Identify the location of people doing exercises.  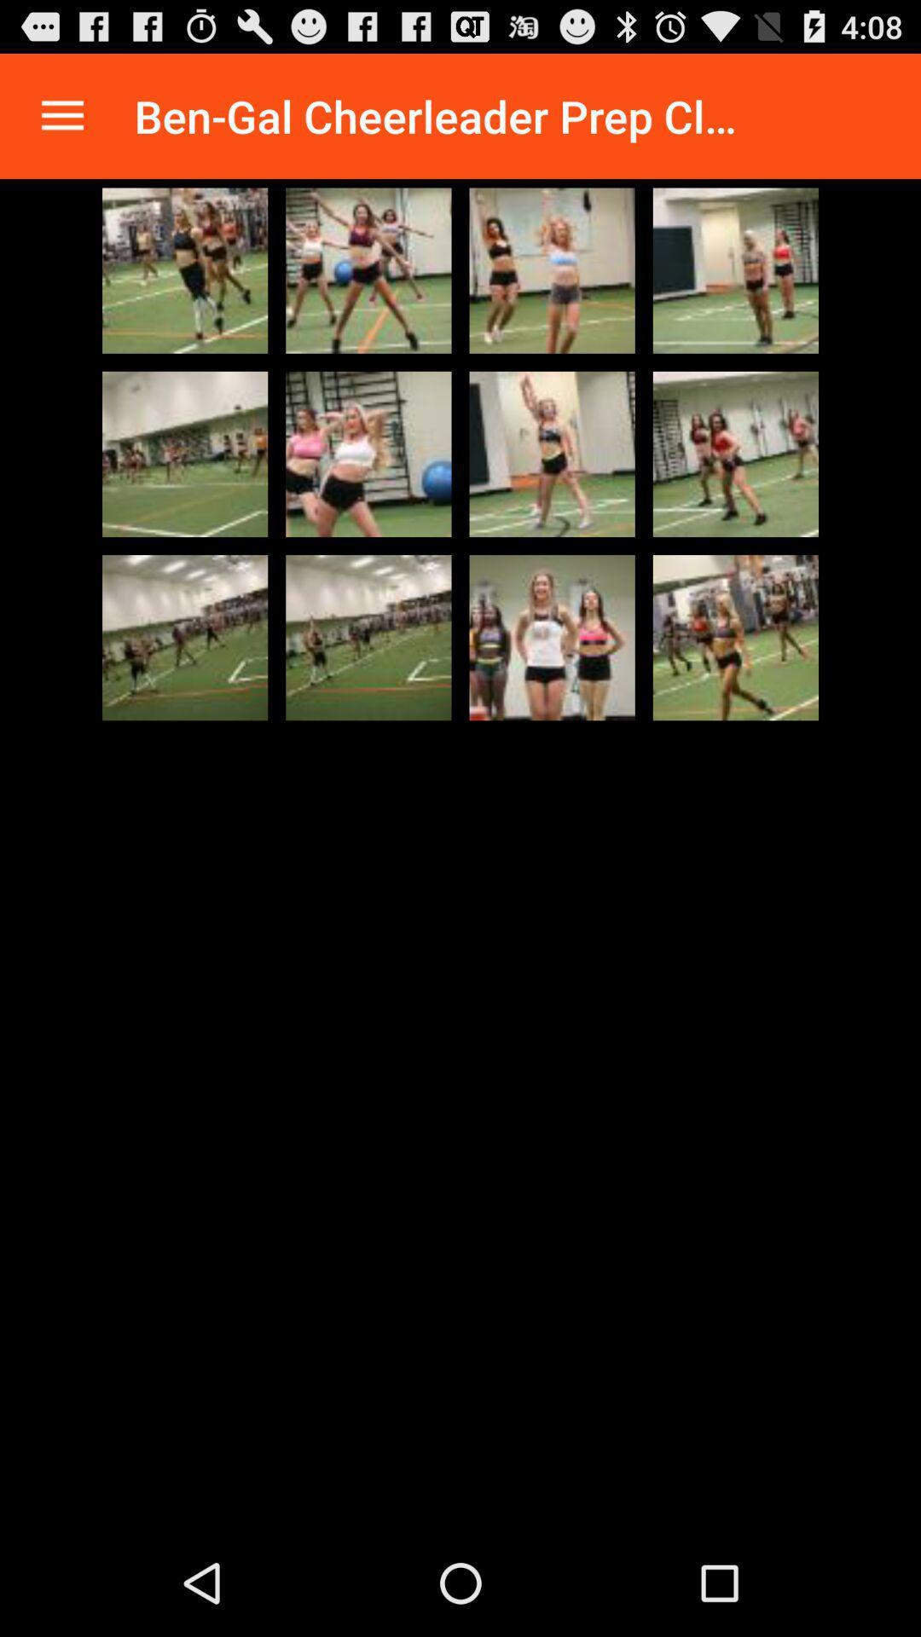
(368, 269).